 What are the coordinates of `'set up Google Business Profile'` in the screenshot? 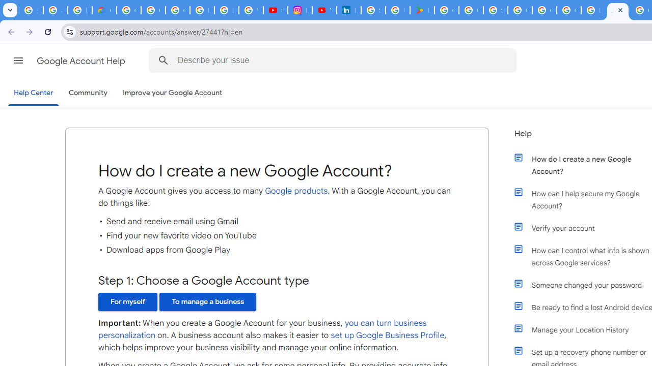 It's located at (387, 335).